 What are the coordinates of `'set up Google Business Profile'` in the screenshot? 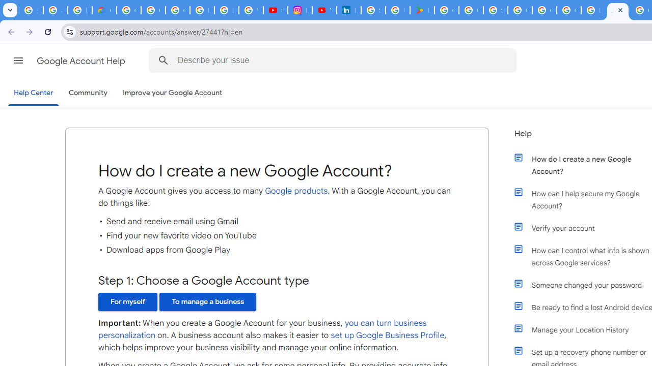 It's located at (387, 335).